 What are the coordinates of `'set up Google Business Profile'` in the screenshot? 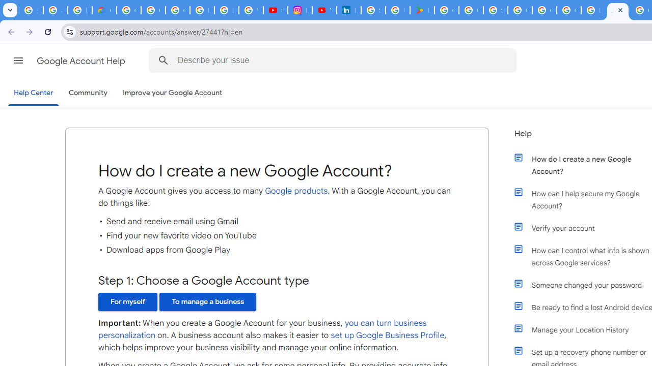 It's located at (387, 335).